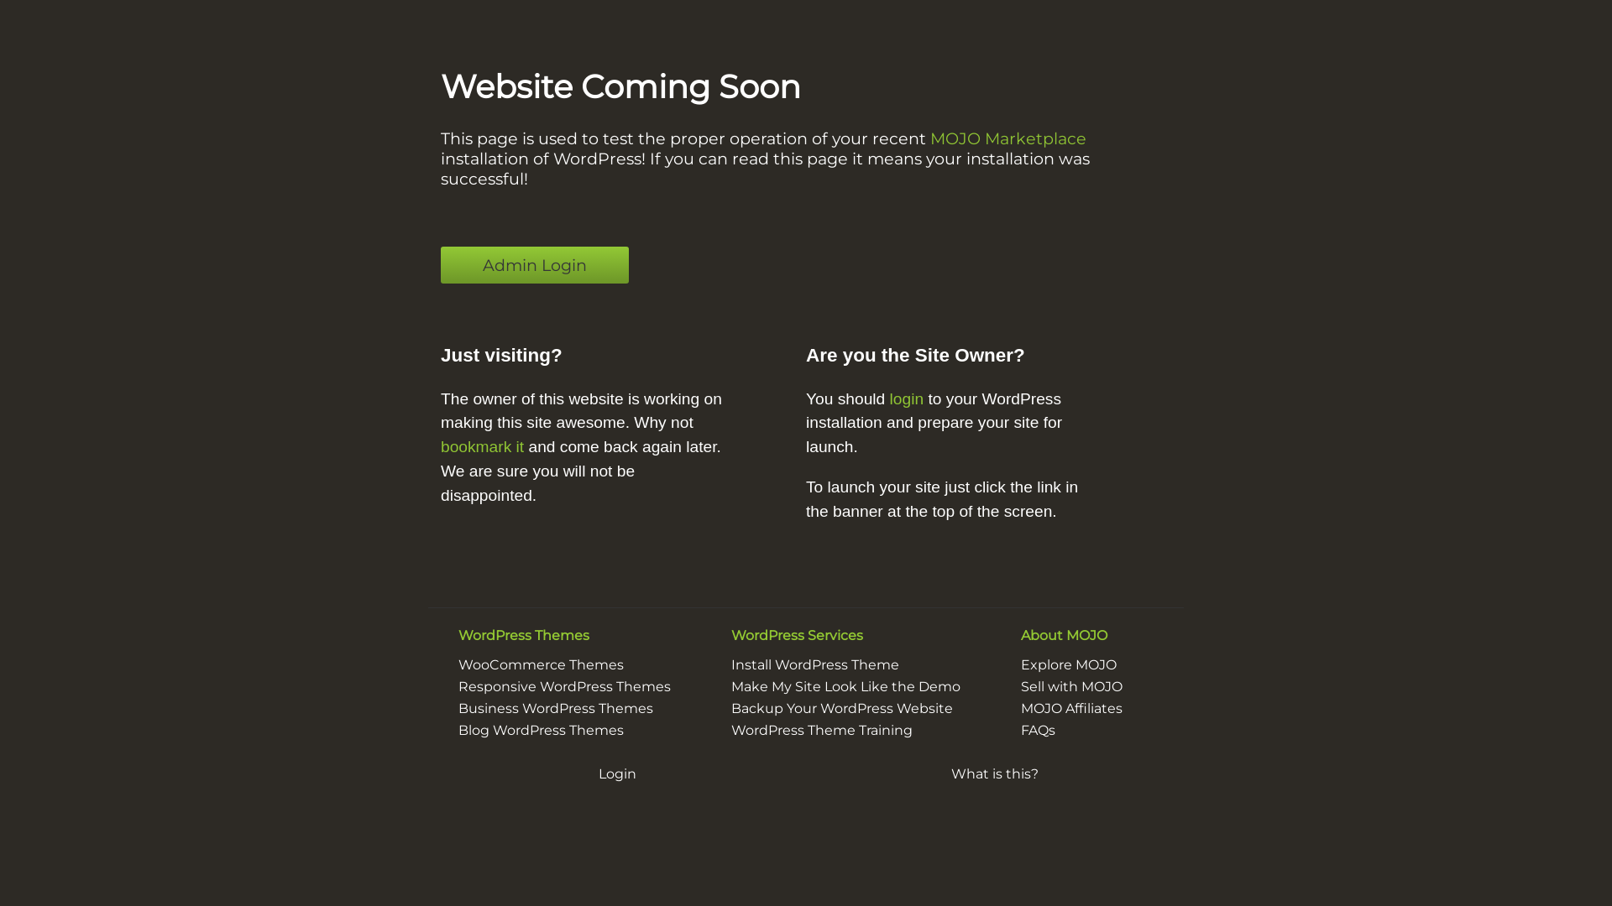  I want to click on 'Blog WordPress Themes', so click(458, 729).